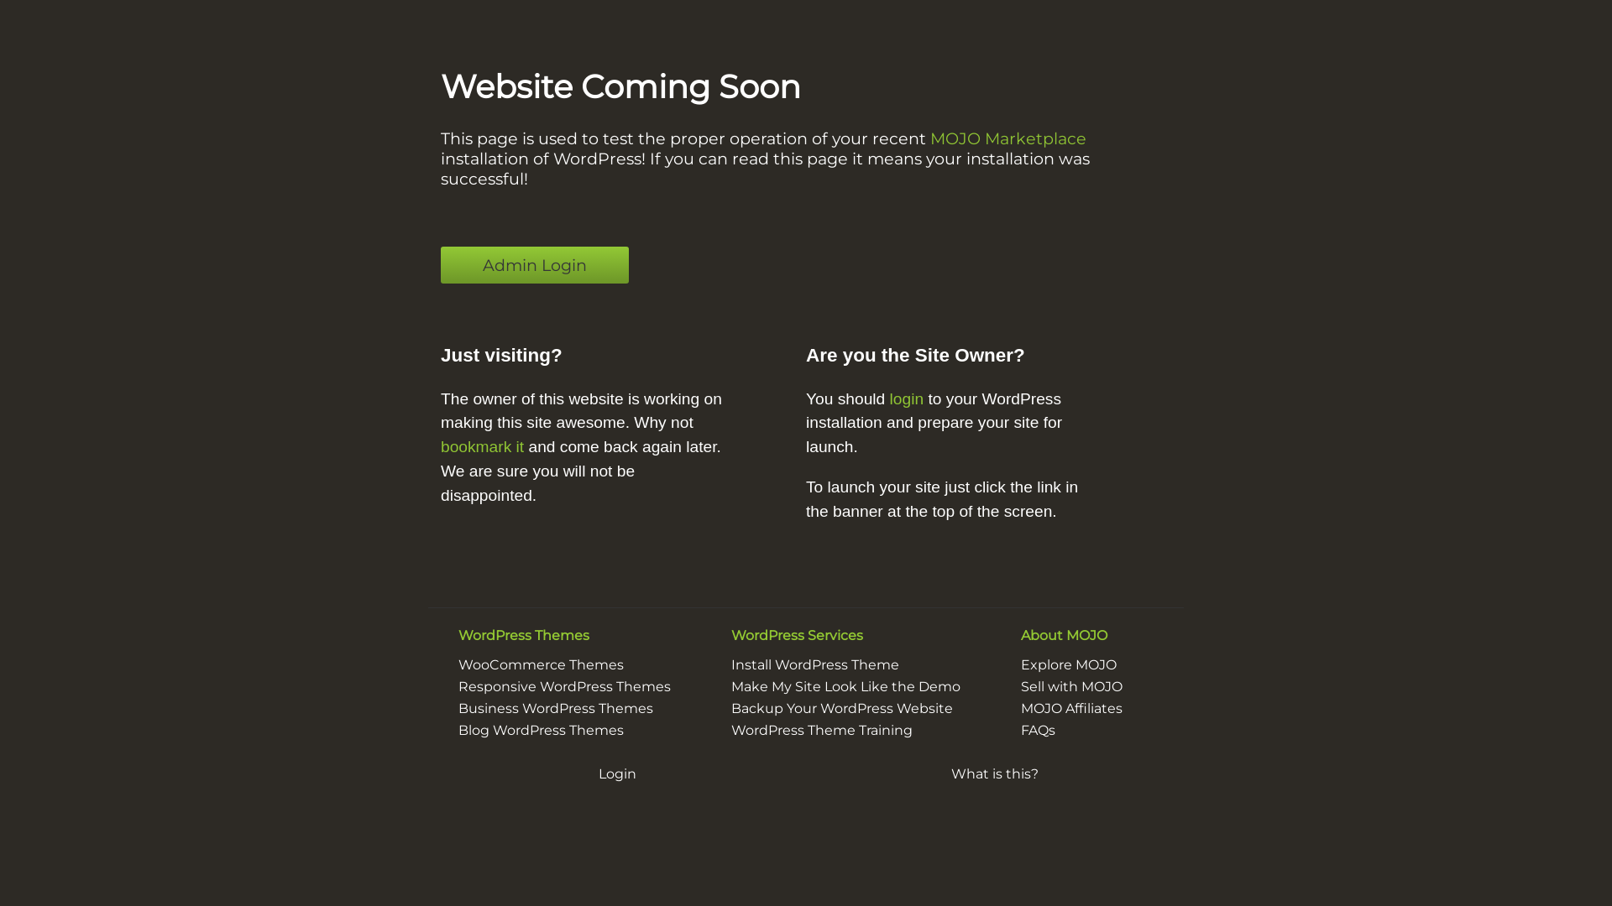  I want to click on 'Blog WordPress Themes', so click(458, 729).